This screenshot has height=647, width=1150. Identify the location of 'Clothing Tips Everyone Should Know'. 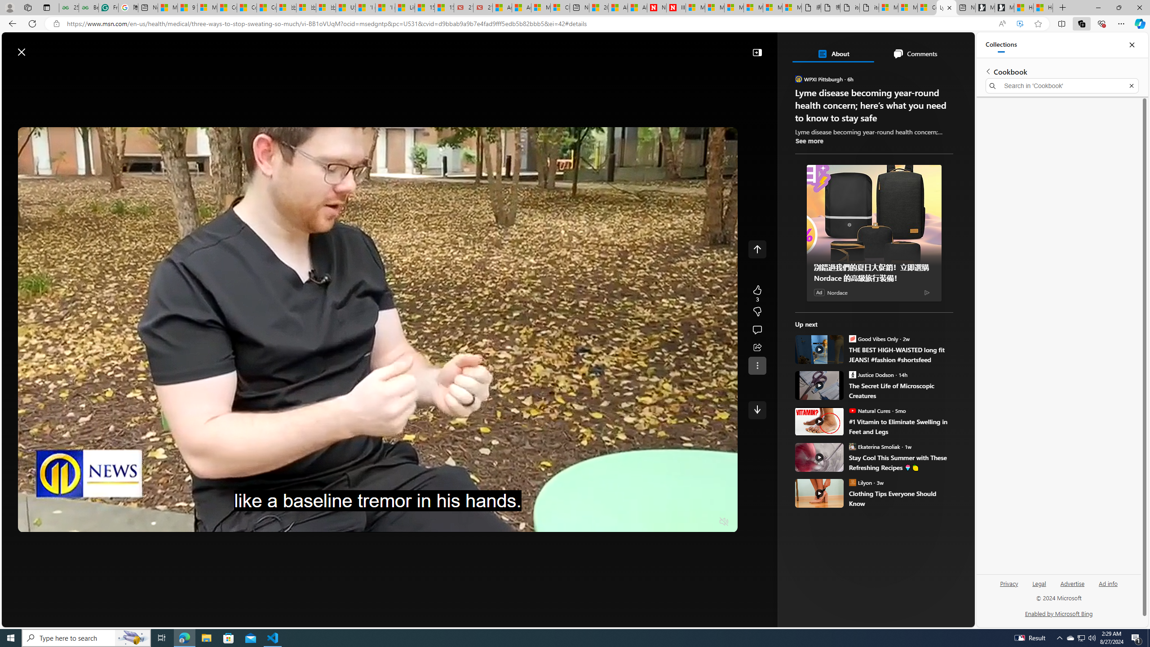
(819, 493).